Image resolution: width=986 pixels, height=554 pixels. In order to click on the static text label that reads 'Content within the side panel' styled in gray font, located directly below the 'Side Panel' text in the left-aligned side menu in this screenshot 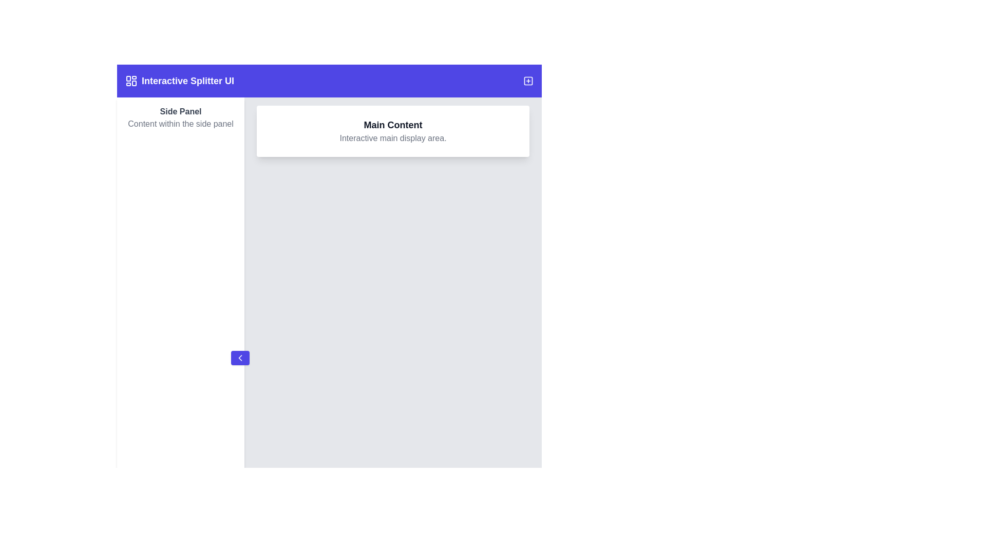, I will do `click(181, 124)`.